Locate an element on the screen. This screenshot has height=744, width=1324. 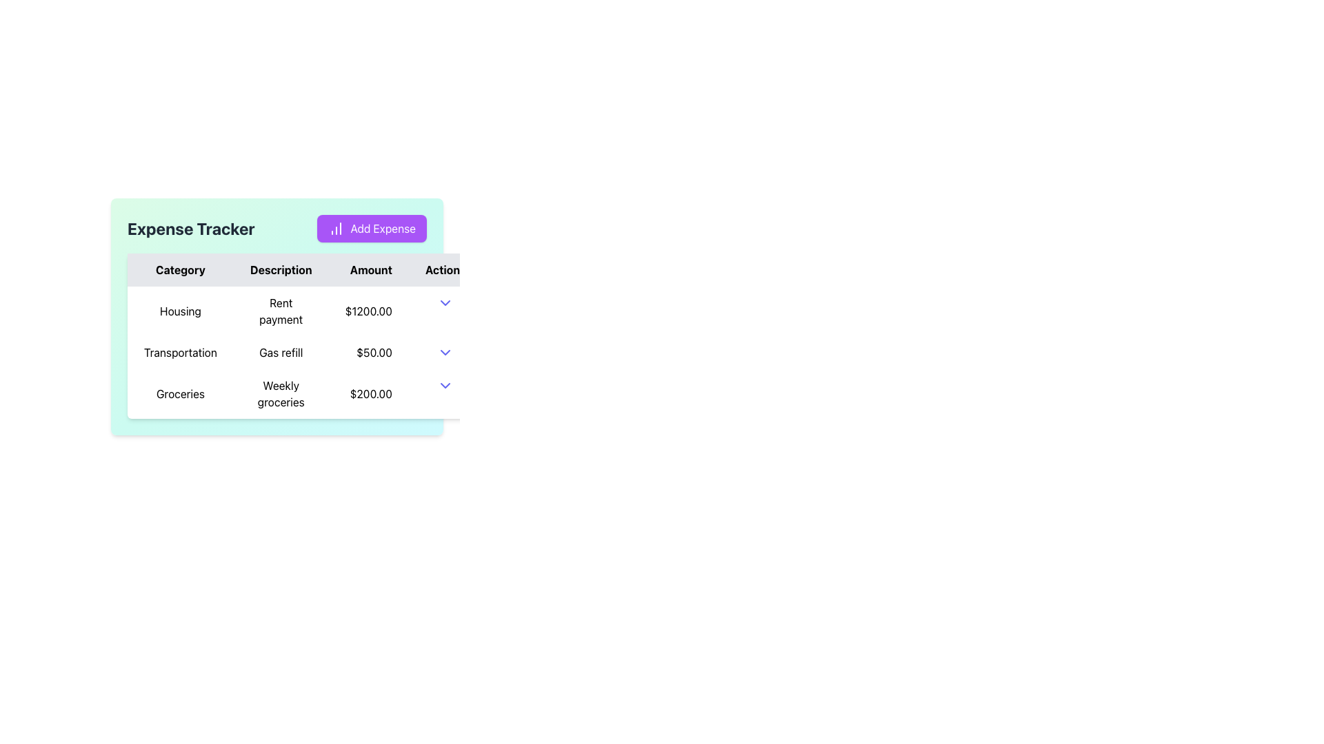
the 'Category' header text label in the table, which is located in the top-left corner of the header row, adjacent to the 'Description' header is located at coordinates (179, 270).